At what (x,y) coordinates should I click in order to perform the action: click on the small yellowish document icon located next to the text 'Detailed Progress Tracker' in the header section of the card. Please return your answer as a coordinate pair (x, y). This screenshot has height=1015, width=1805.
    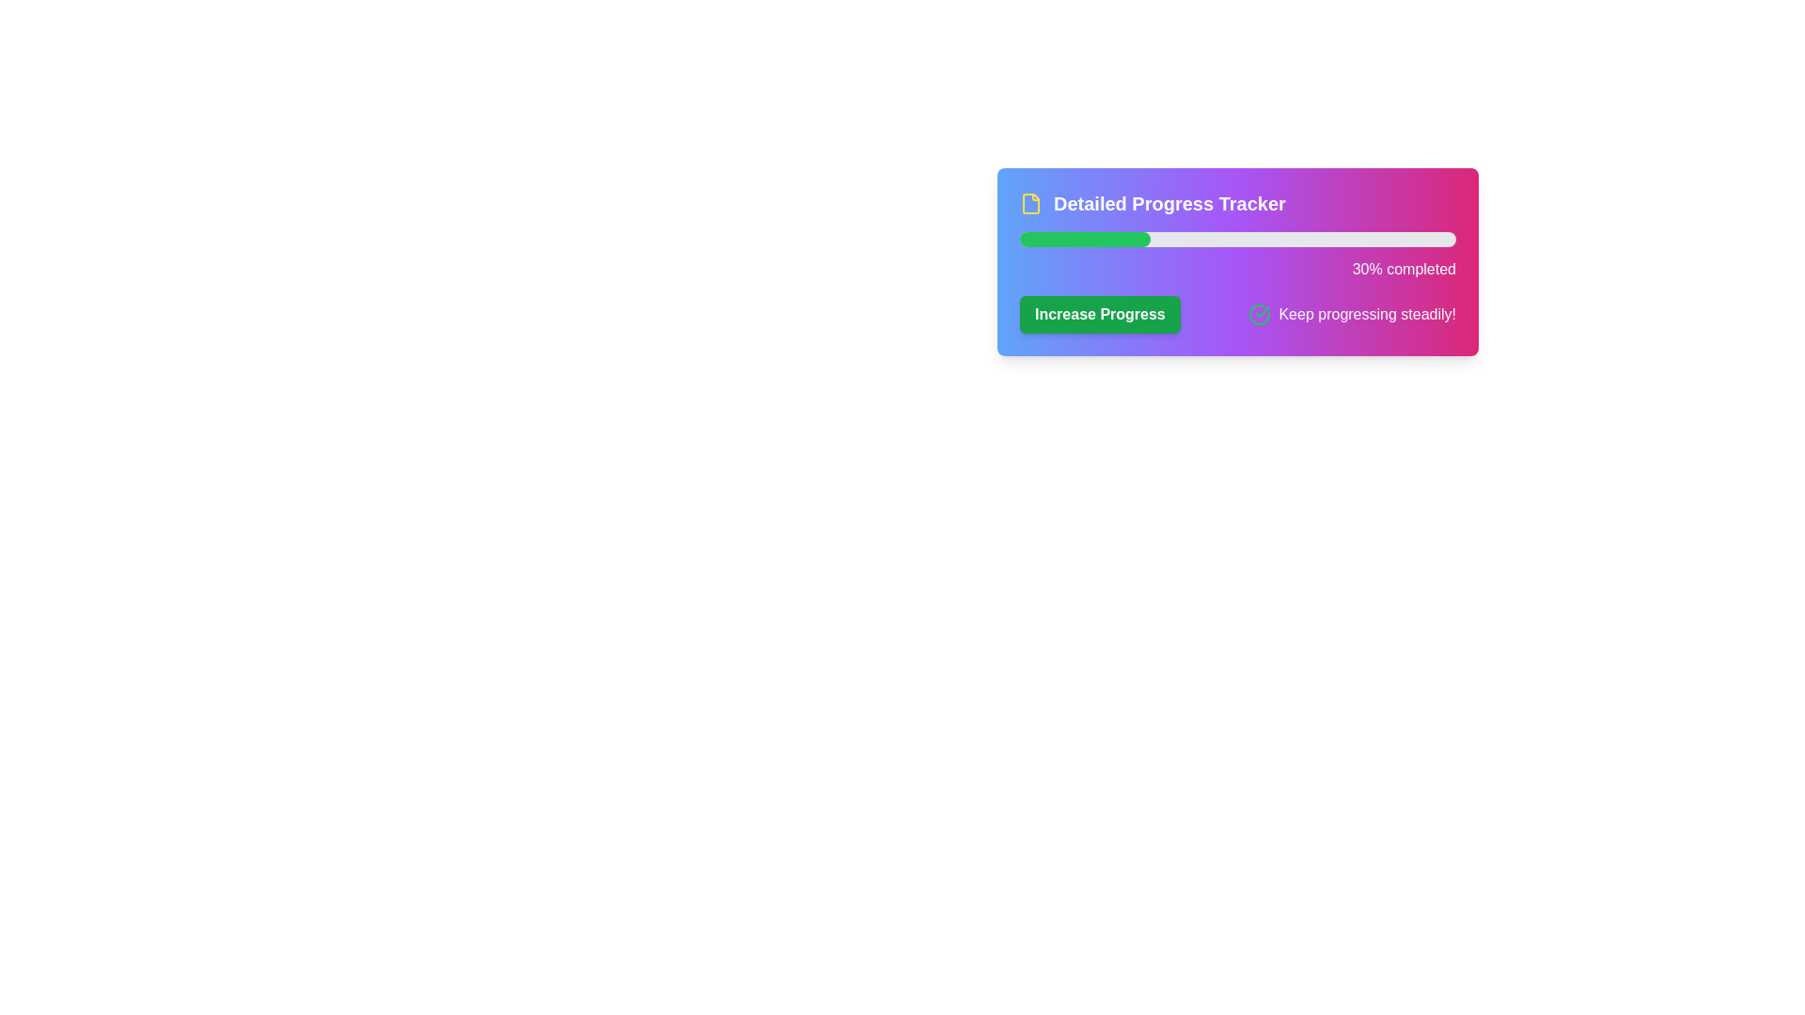
    Looking at the image, I should click on (1030, 203).